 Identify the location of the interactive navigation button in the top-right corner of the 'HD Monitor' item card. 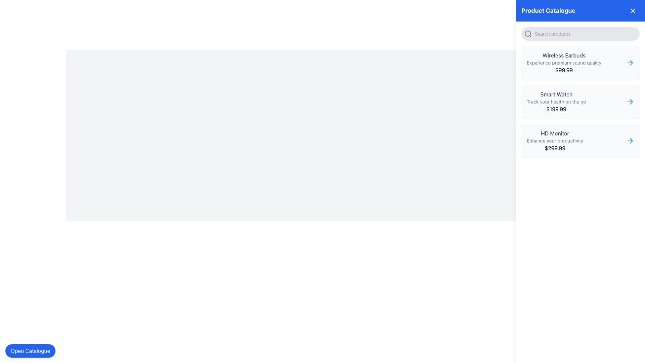
(630, 140).